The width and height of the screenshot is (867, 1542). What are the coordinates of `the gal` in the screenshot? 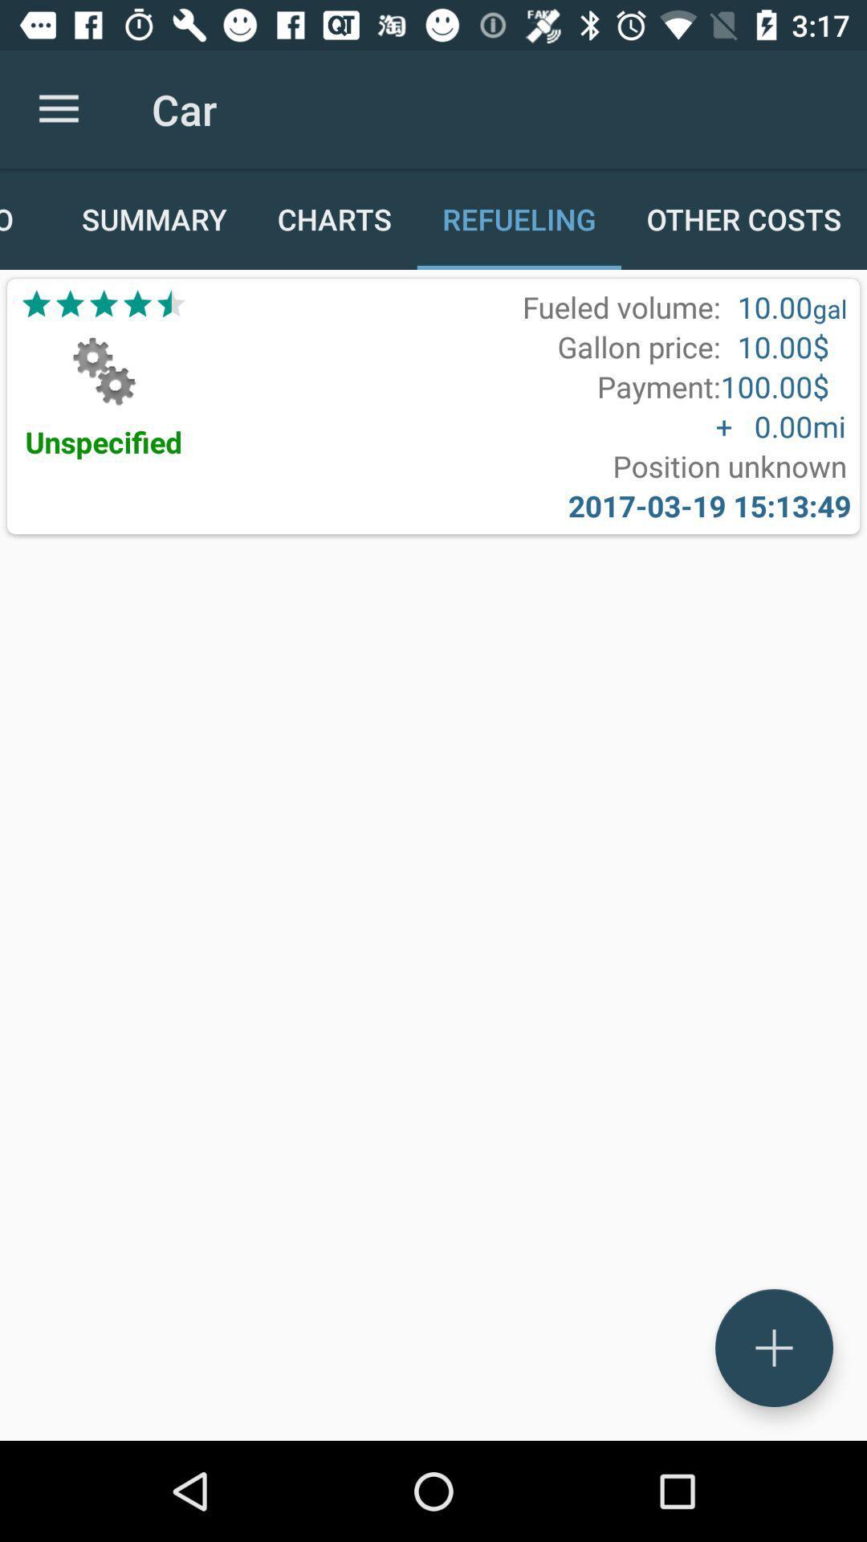 It's located at (829, 308).